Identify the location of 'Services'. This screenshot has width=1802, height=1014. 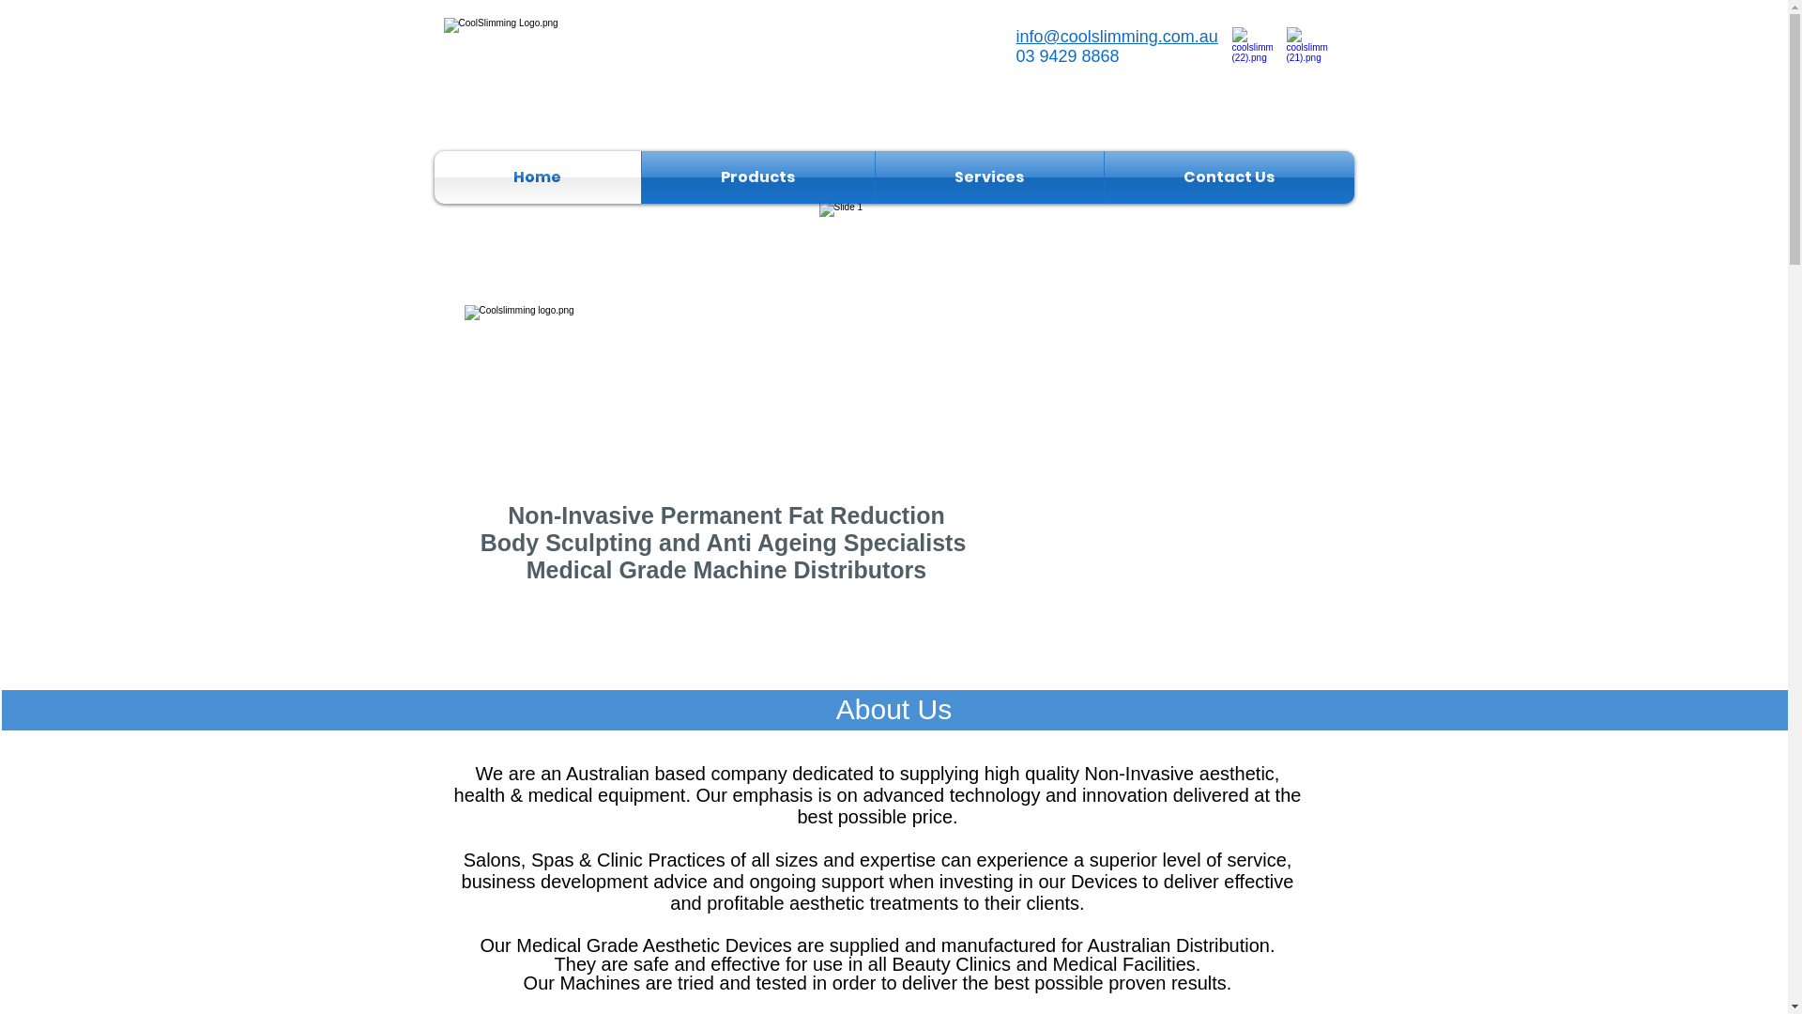
(987, 177).